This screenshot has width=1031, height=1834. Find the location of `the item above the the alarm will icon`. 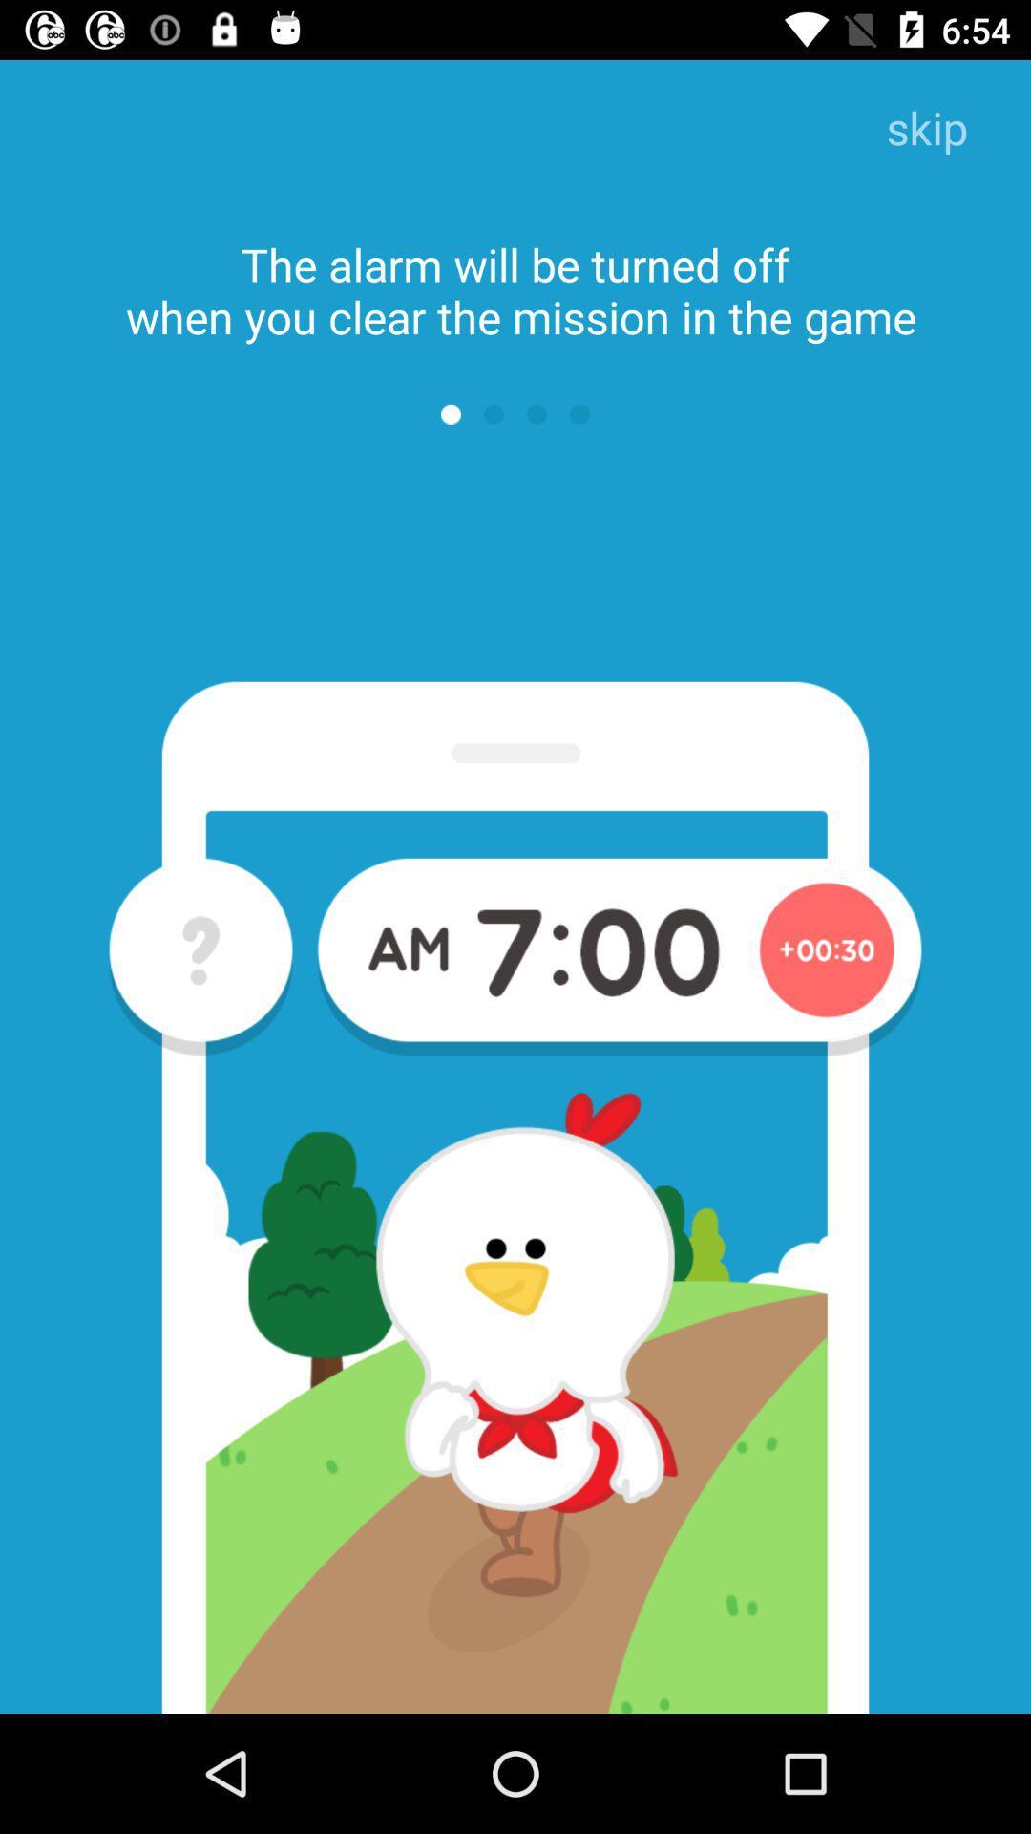

the item above the the alarm will icon is located at coordinates (926, 129).